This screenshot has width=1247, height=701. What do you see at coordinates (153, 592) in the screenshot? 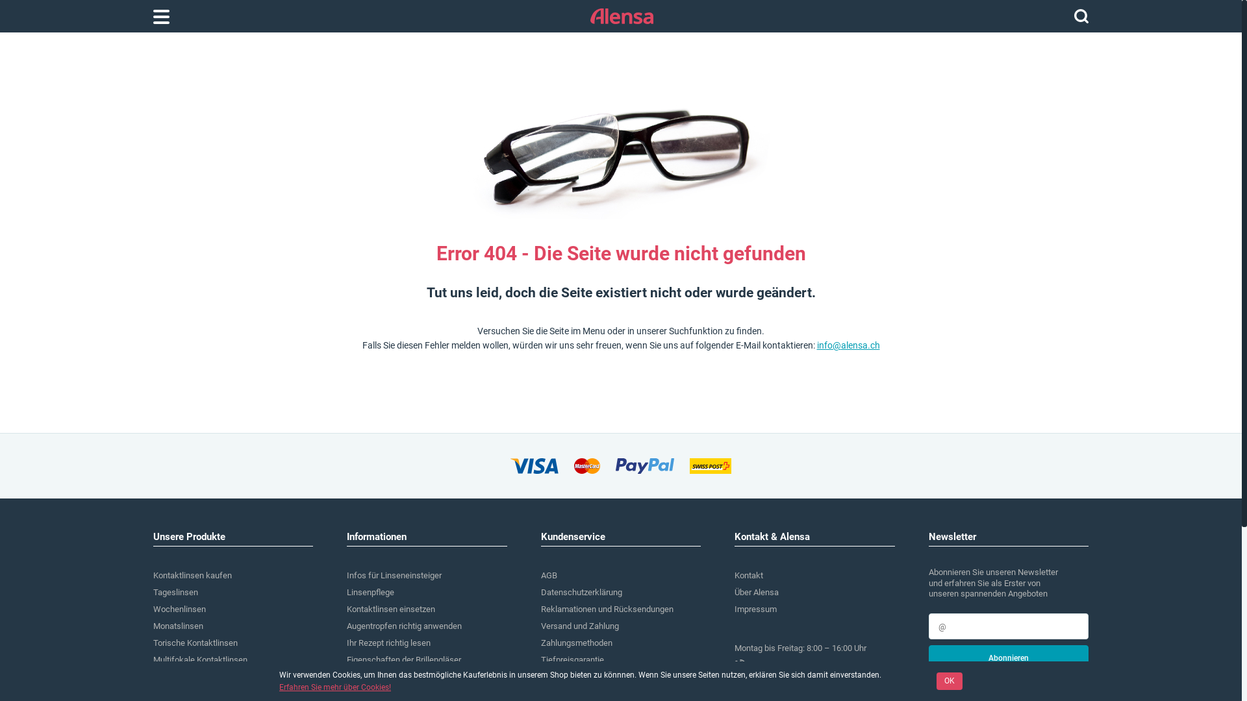
I see `'Tageslinsen'` at bounding box center [153, 592].